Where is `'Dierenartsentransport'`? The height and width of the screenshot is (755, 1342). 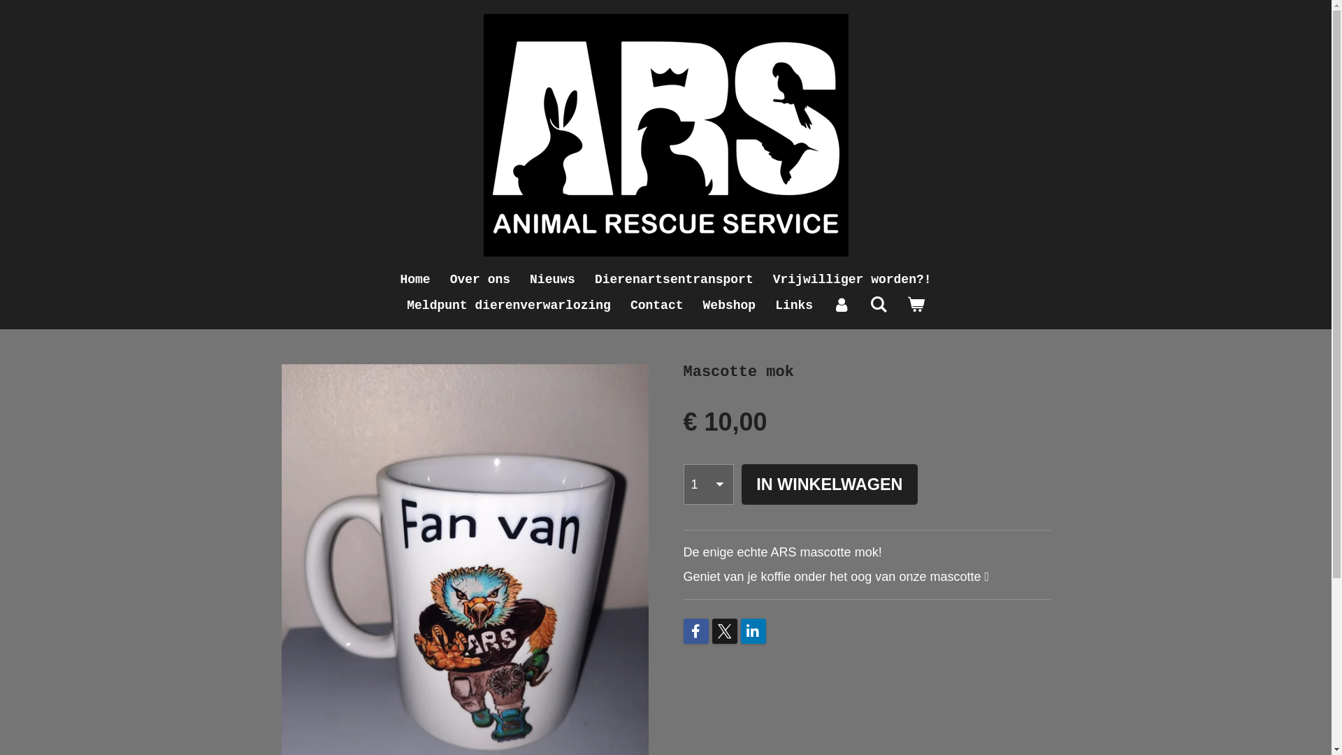 'Dierenartsentransport' is located at coordinates (674, 280).